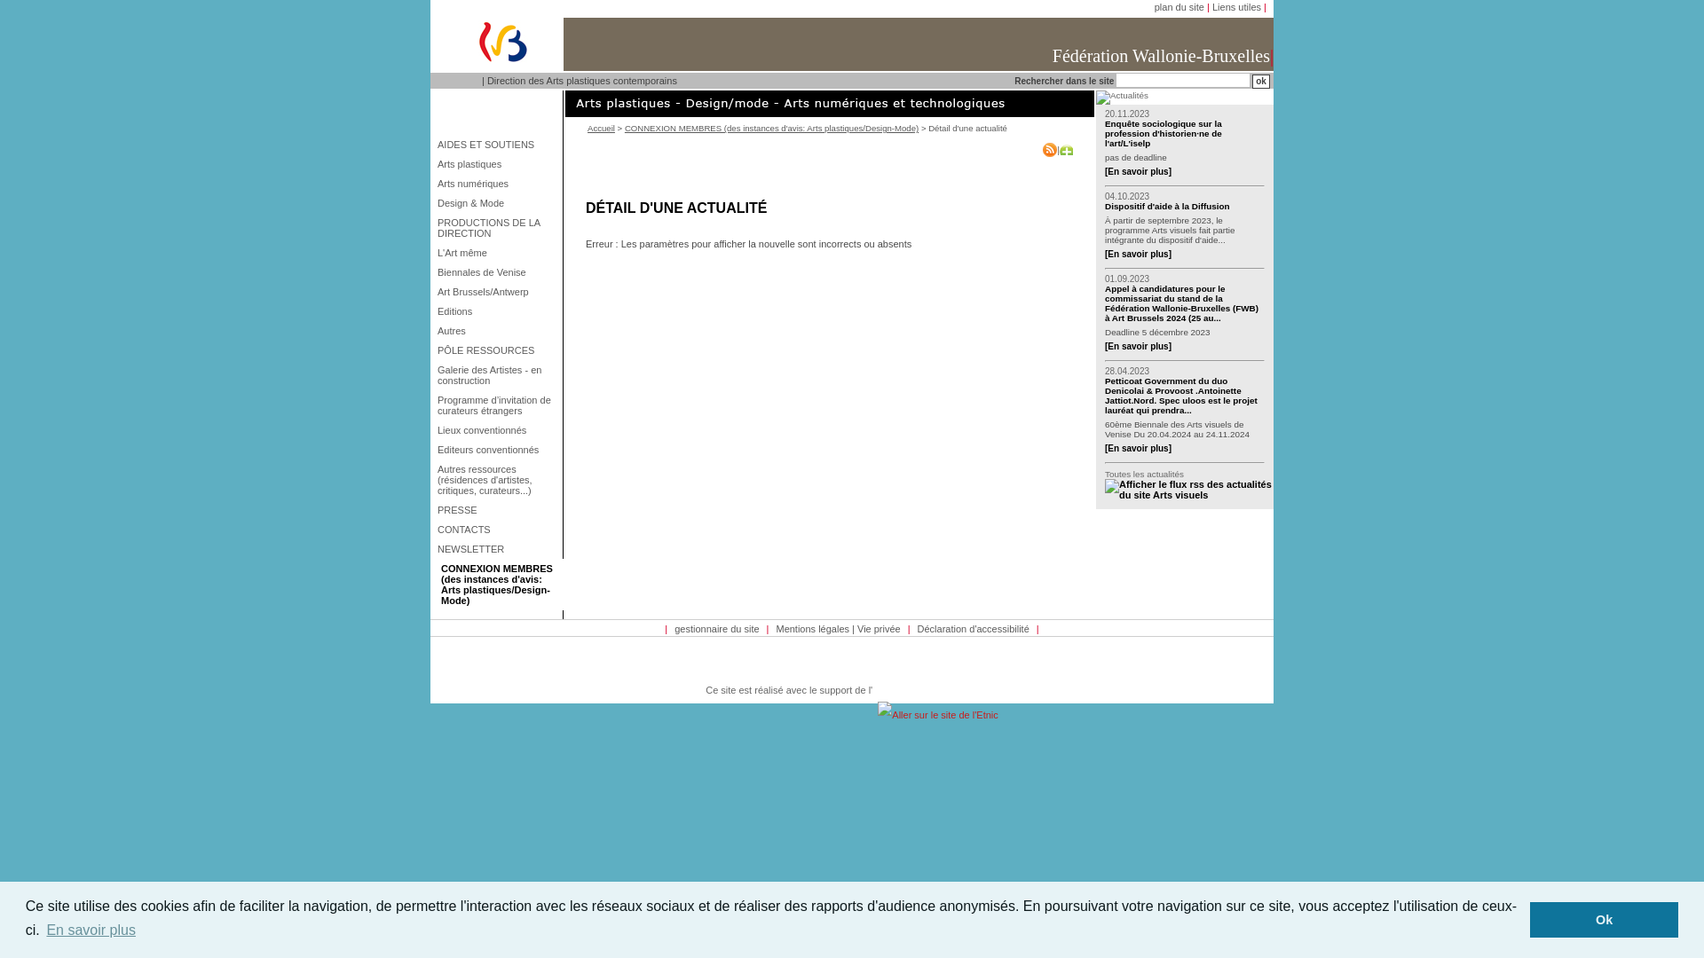  Describe the element at coordinates (1259, 82) in the screenshot. I see `'rechercher'` at that location.